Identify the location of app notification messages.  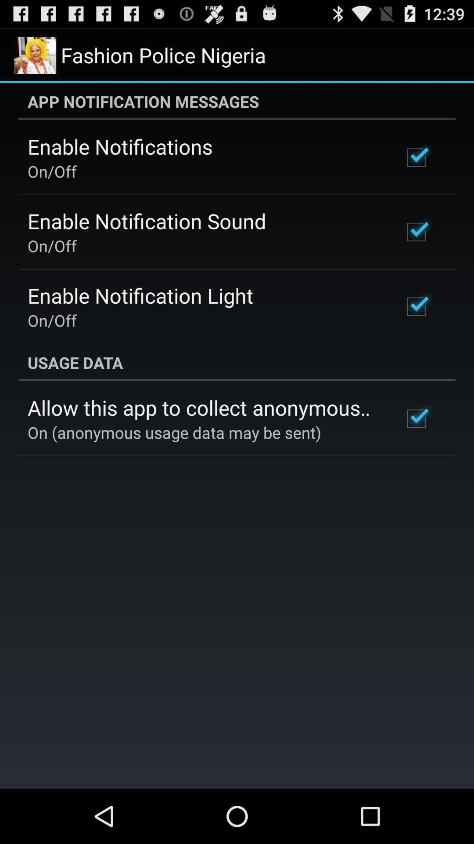
(237, 101).